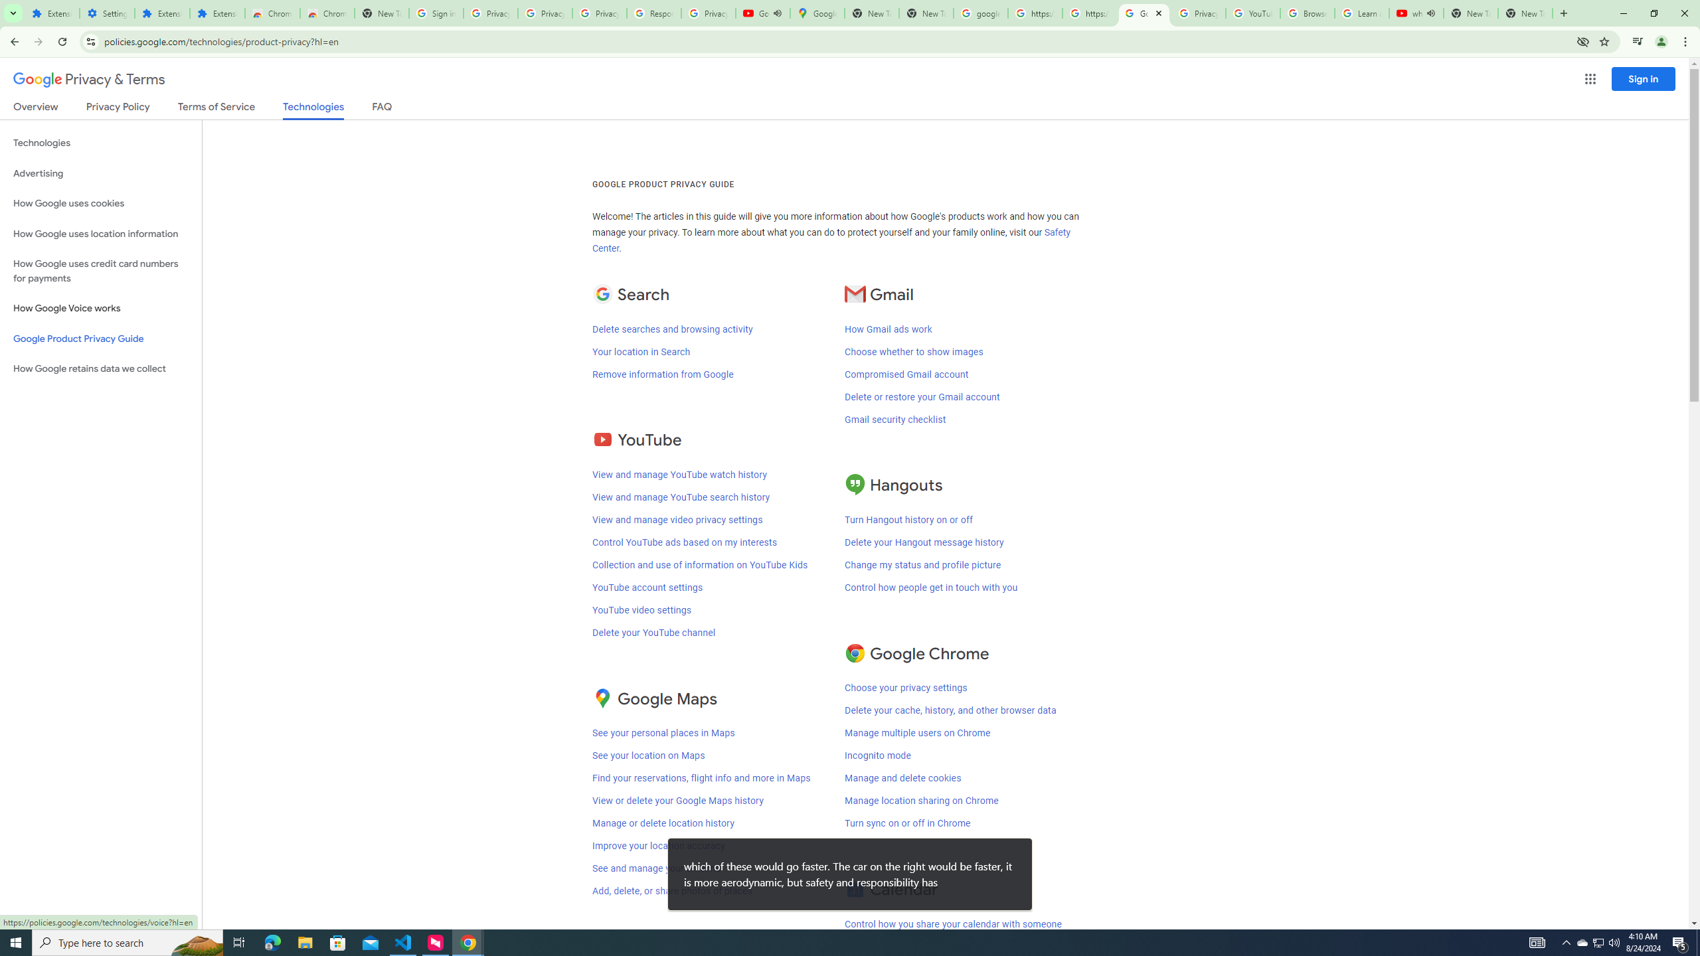  Describe the element at coordinates (888, 329) in the screenshot. I see `'How Gmail ads work'` at that location.